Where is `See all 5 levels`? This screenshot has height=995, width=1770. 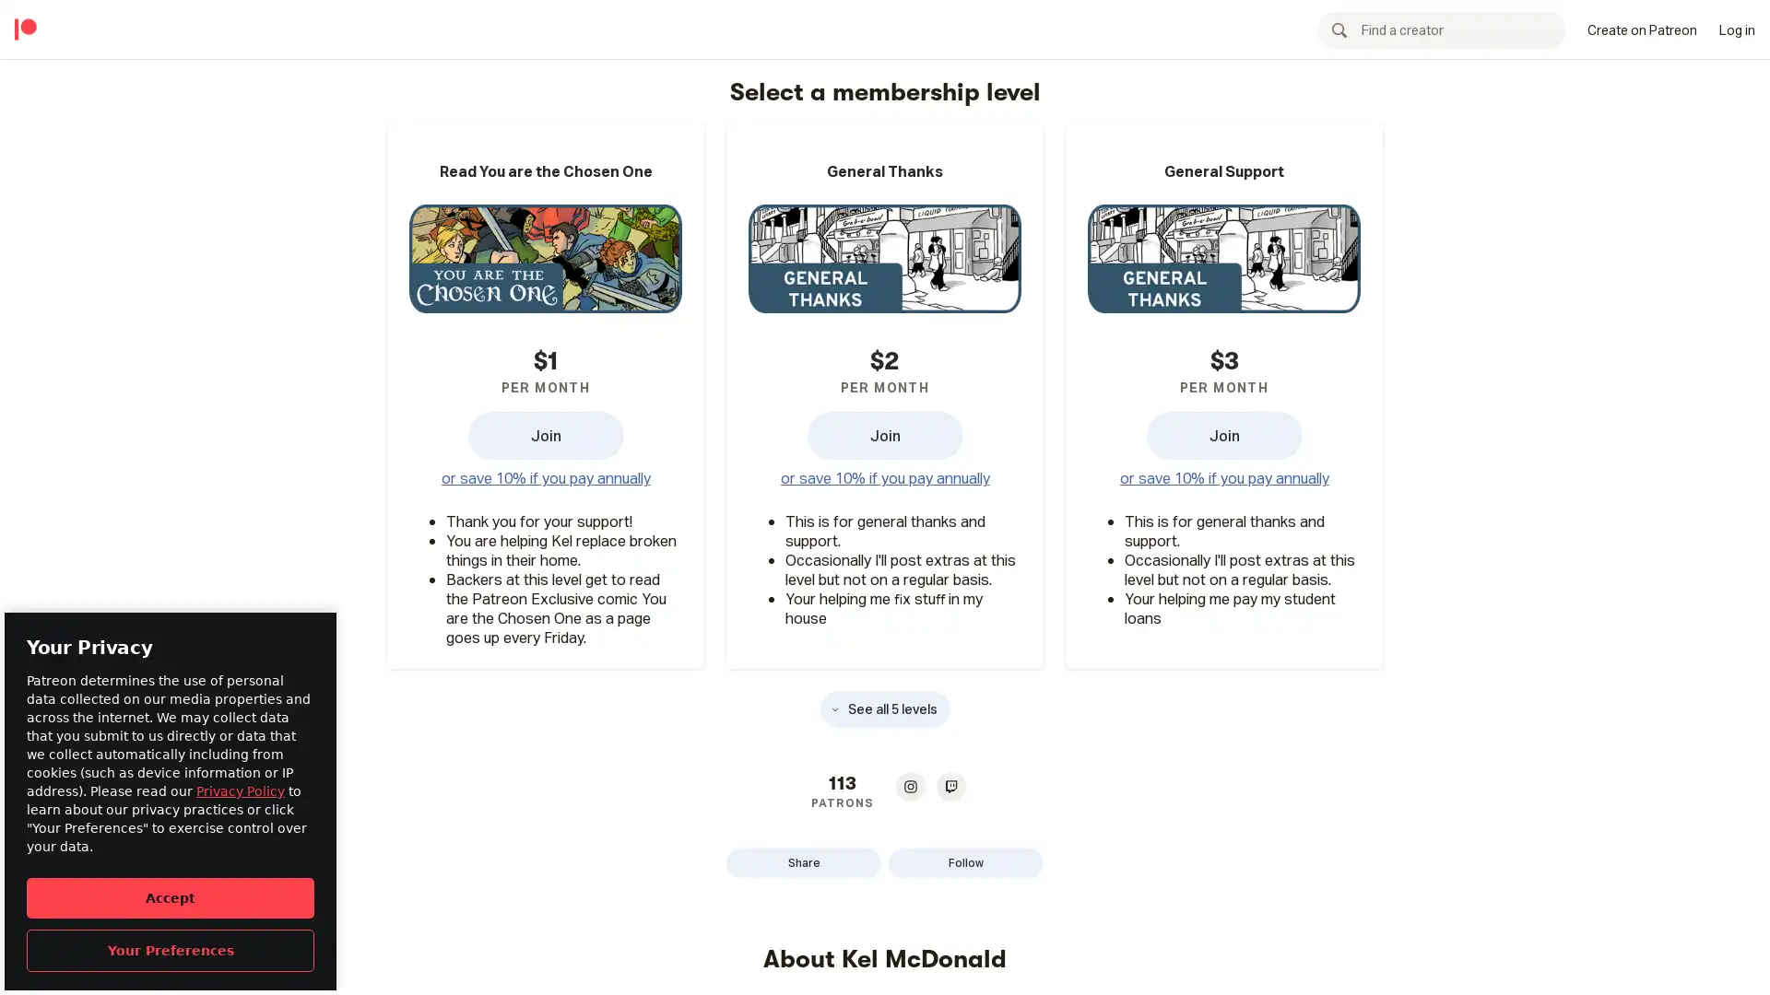
See all 5 levels is located at coordinates (883, 707).